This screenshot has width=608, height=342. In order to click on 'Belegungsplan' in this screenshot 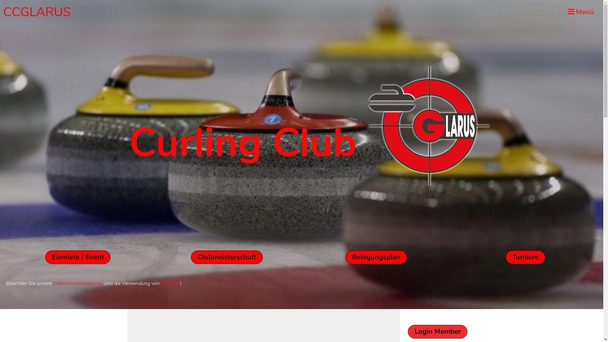, I will do `click(376, 257)`.